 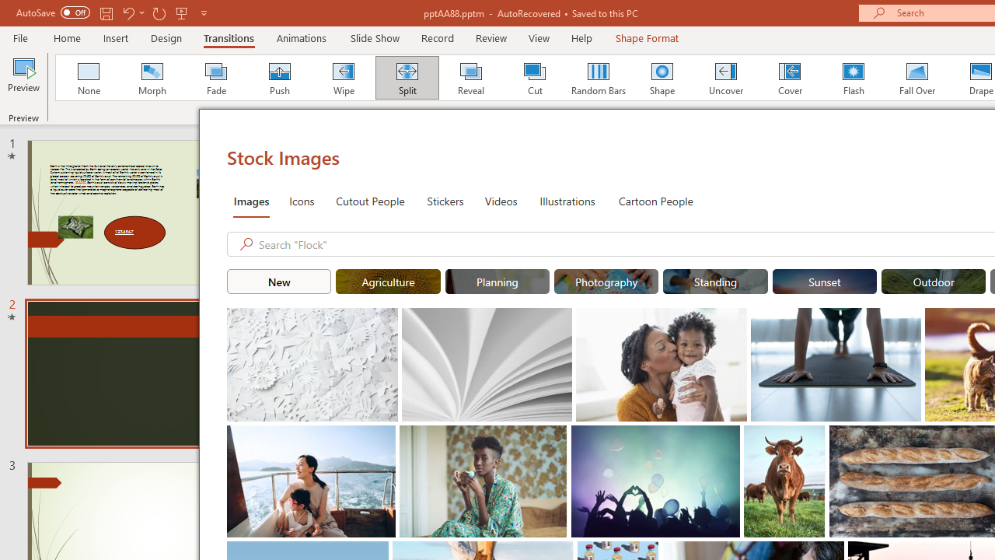 What do you see at coordinates (127, 12) in the screenshot?
I see `'Undo'` at bounding box center [127, 12].